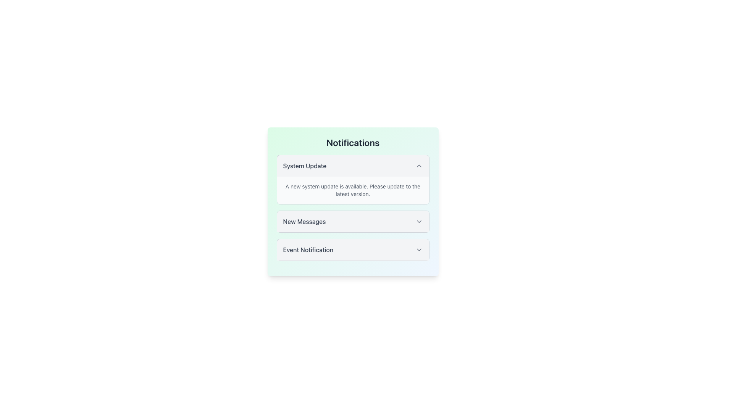  Describe the element at coordinates (352, 190) in the screenshot. I see `static text that informs about the system update, which is located in the 'System Update' section under the 'Notifications' header` at that location.